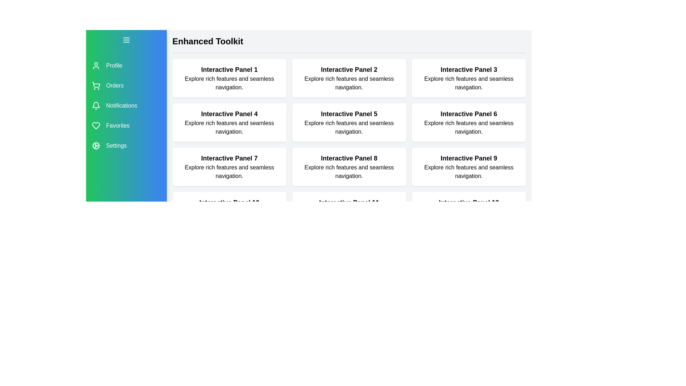 The image size is (686, 386). What do you see at coordinates (126, 125) in the screenshot?
I see `the menu item labeled Favorites` at bounding box center [126, 125].